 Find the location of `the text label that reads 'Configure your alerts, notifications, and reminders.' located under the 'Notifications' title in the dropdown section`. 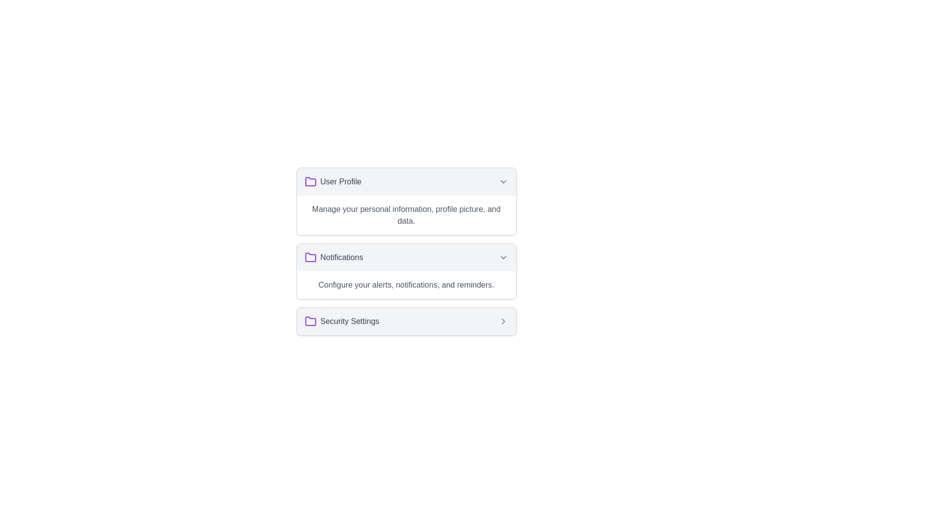

the text label that reads 'Configure your alerts, notifications, and reminders.' located under the 'Notifications' title in the dropdown section is located at coordinates (406, 285).